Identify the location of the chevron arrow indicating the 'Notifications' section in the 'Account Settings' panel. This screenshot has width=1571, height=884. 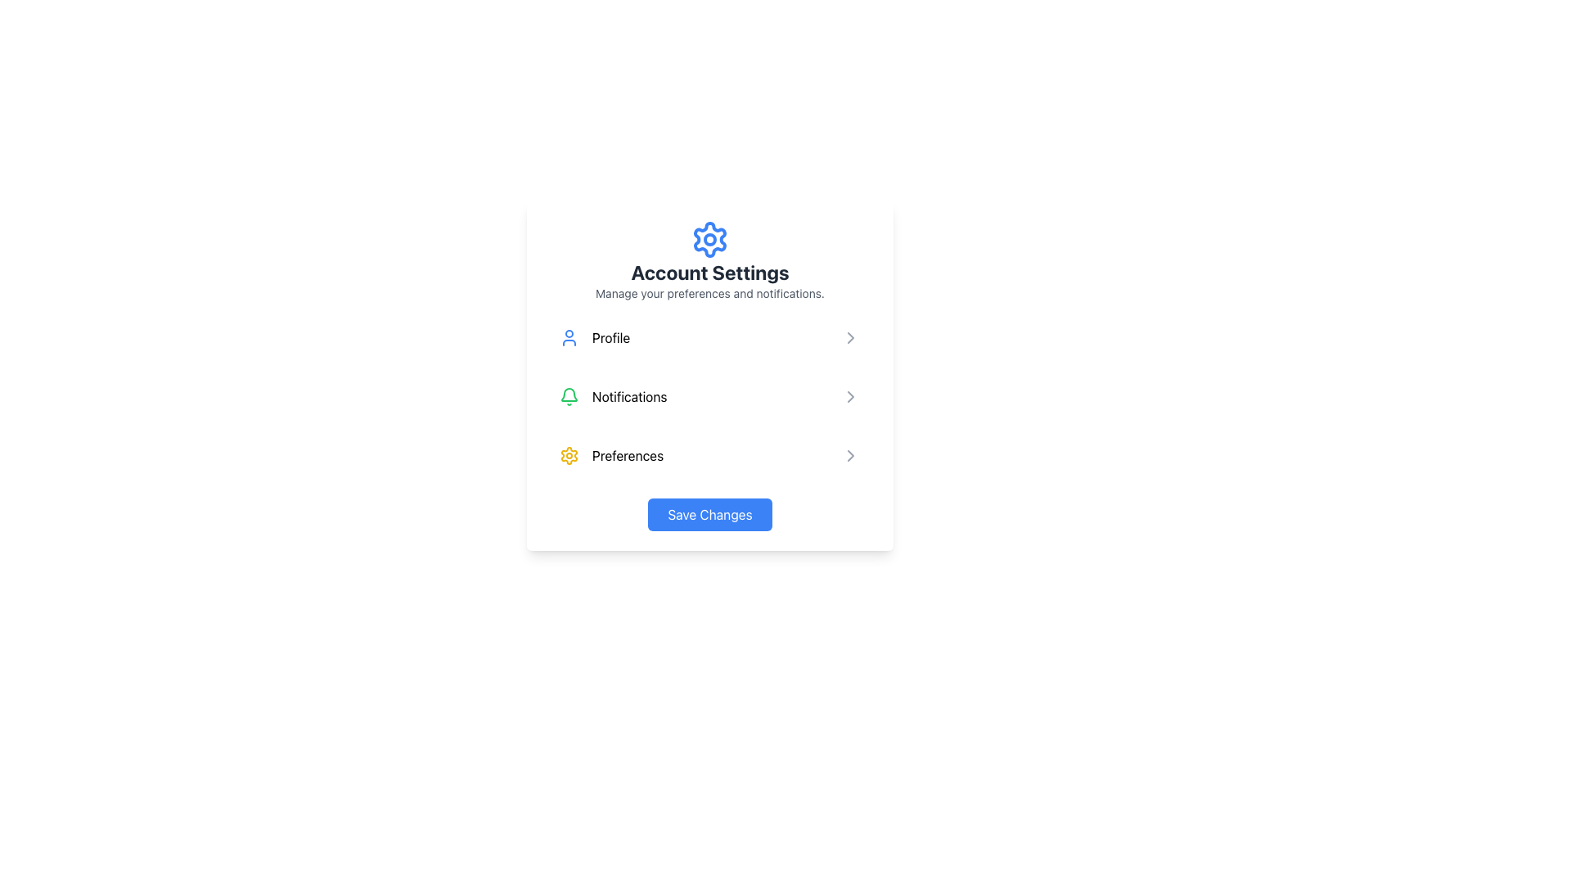
(851, 397).